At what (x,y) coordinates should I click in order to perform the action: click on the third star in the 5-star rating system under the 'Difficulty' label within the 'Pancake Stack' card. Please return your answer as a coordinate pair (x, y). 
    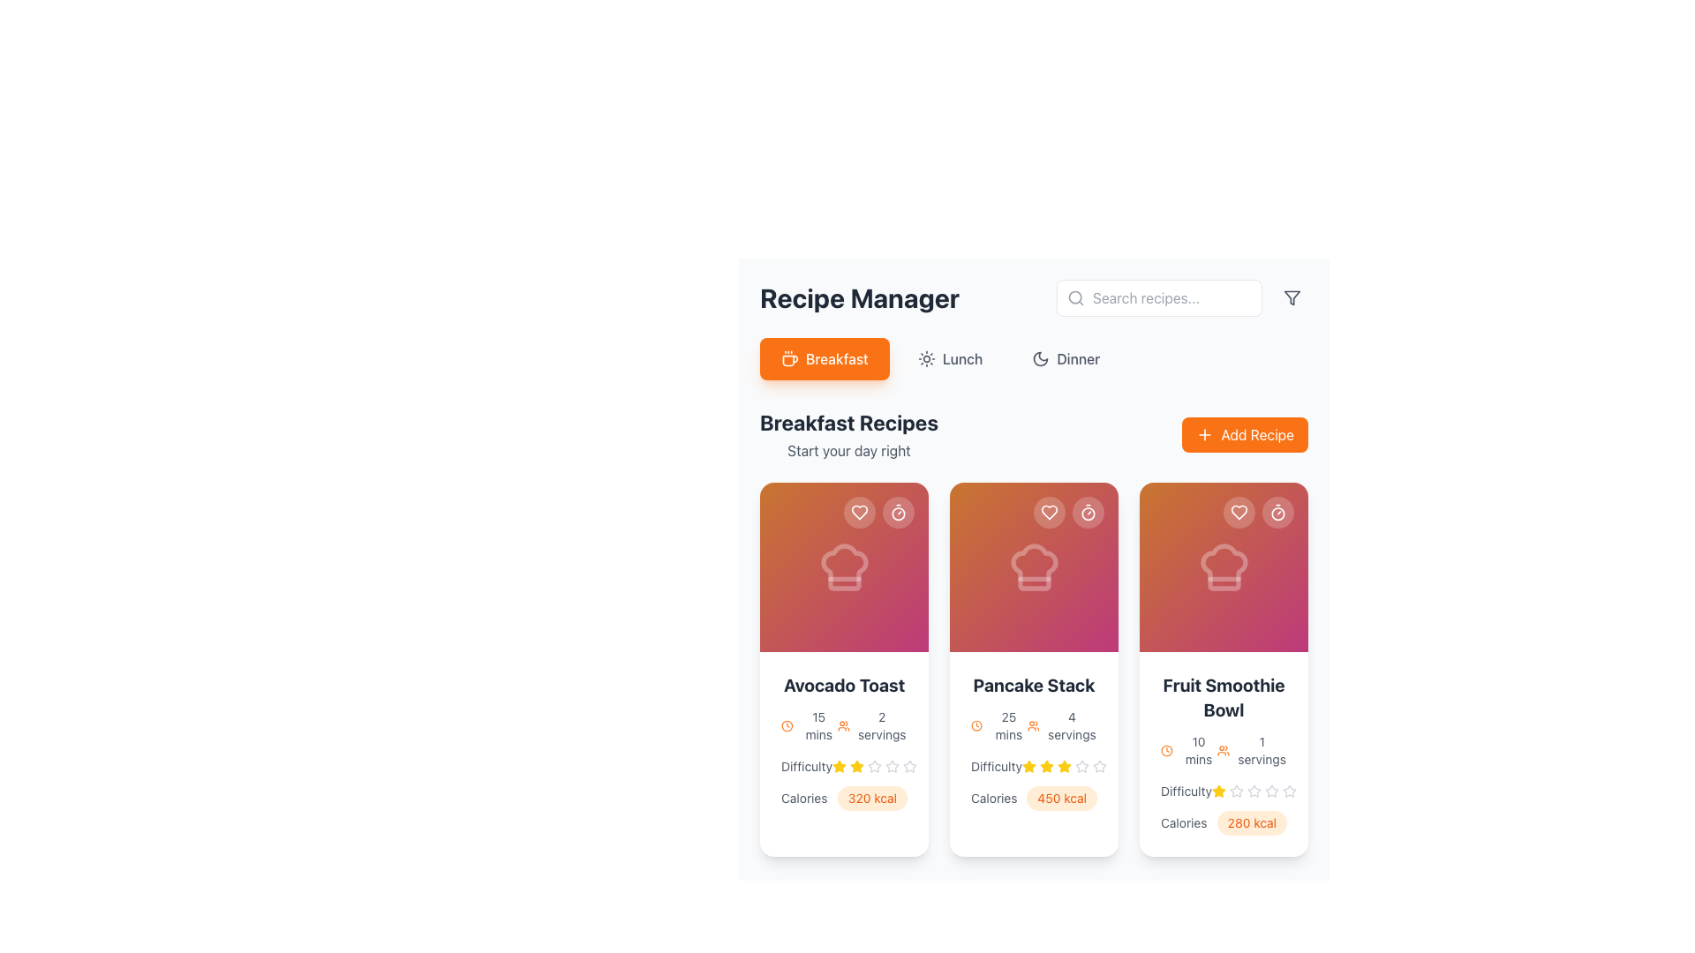
    Looking at the image, I should click on (1063, 765).